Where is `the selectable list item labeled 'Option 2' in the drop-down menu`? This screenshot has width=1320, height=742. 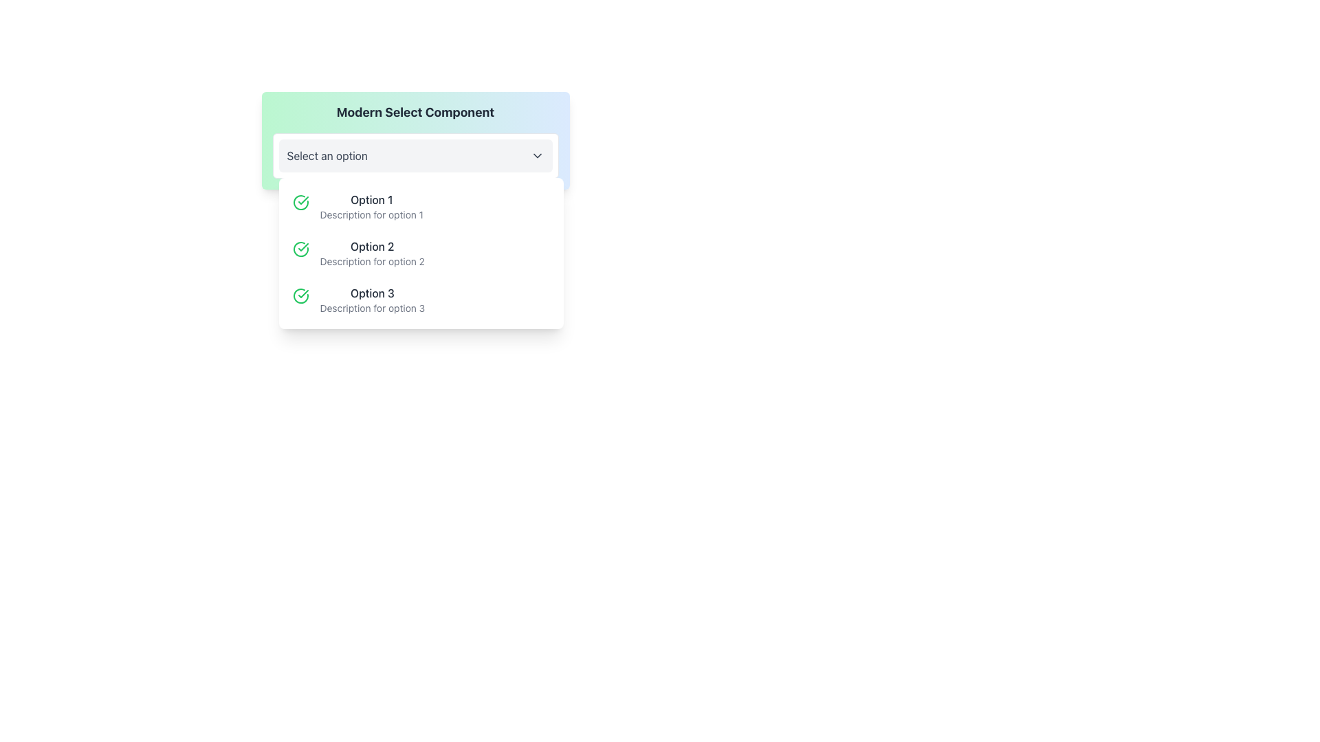 the selectable list item labeled 'Option 2' in the drop-down menu is located at coordinates (372, 254).